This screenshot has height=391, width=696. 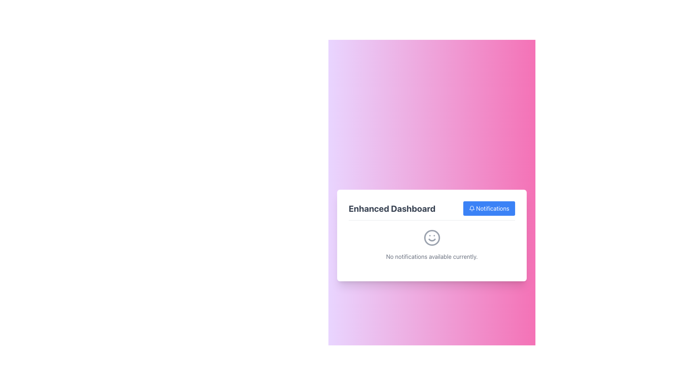 What do you see at coordinates (489, 208) in the screenshot?
I see `the 'Notifications' button, which has a bold blue background and a bell icon` at bounding box center [489, 208].